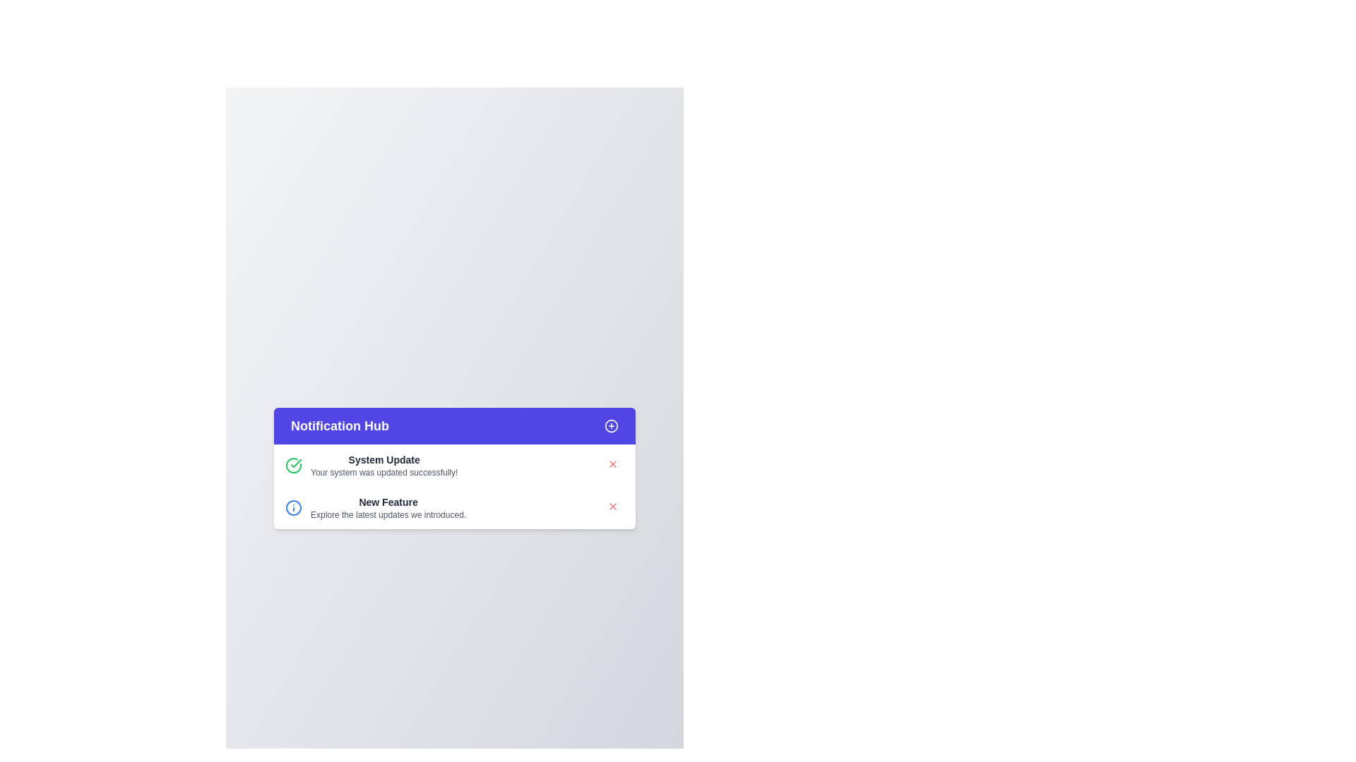  Describe the element at coordinates (384, 473) in the screenshot. I see `the text label providing confirmation feedback for a successful system update located beneath the 'System Update' heading in the 'Notification Hub'` at that location.